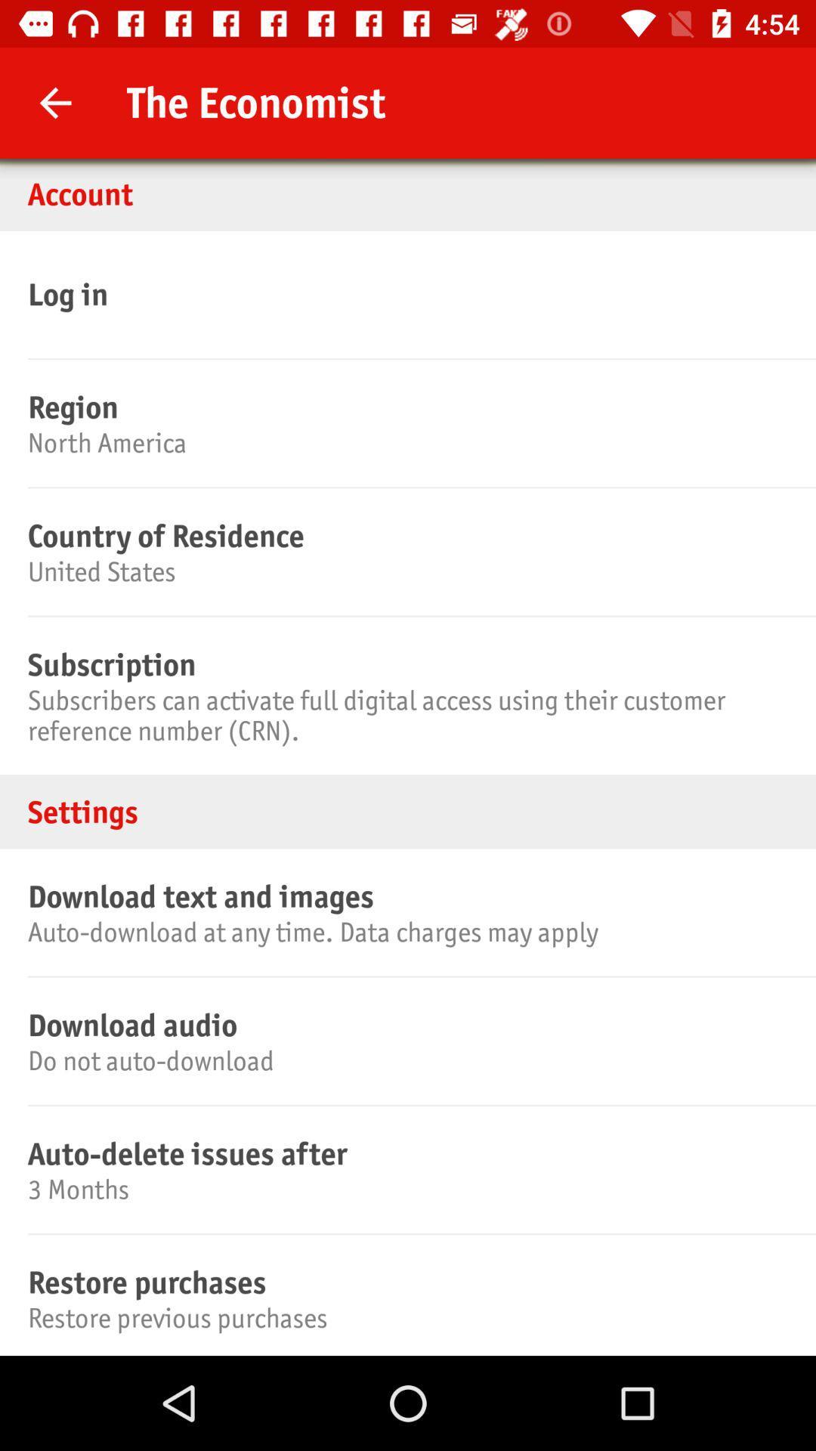 The image size is (816, 1451). What do you see at coordinates (405, 1152) in the screenshot?
I see `auto delete issues icon` at bounding box center [405, 1152].